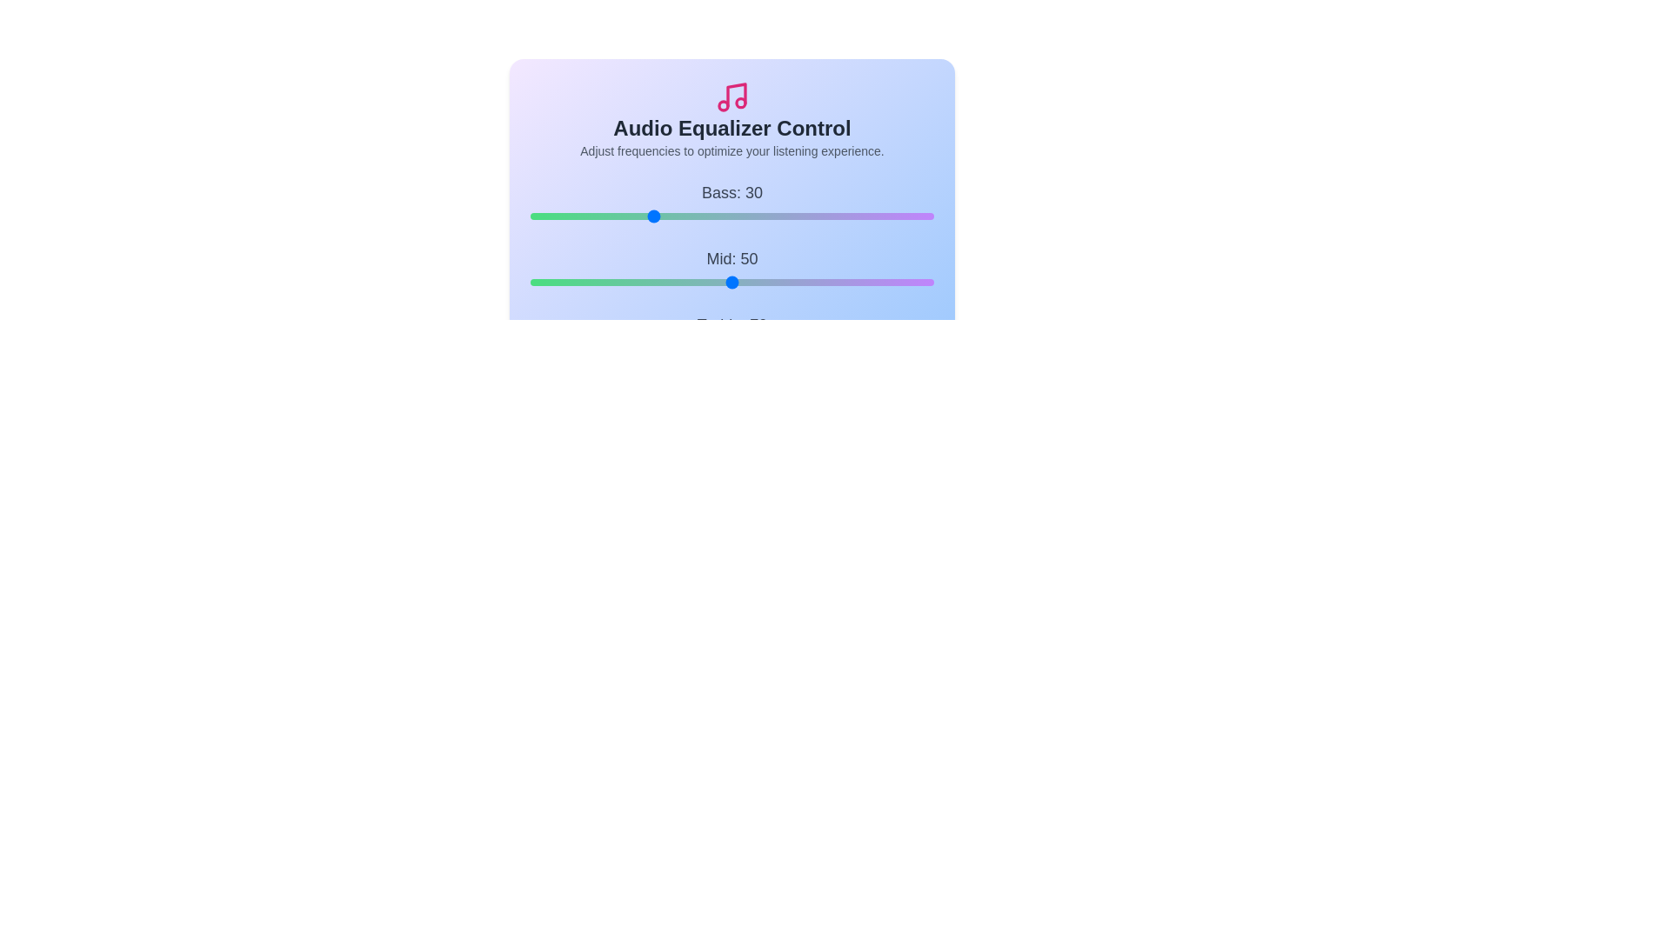 Image resolution: width=1670 pixels, height=939 pixels. I want to click on the 'Mid' slider to set the midrange level to 75, so click(832, 281).